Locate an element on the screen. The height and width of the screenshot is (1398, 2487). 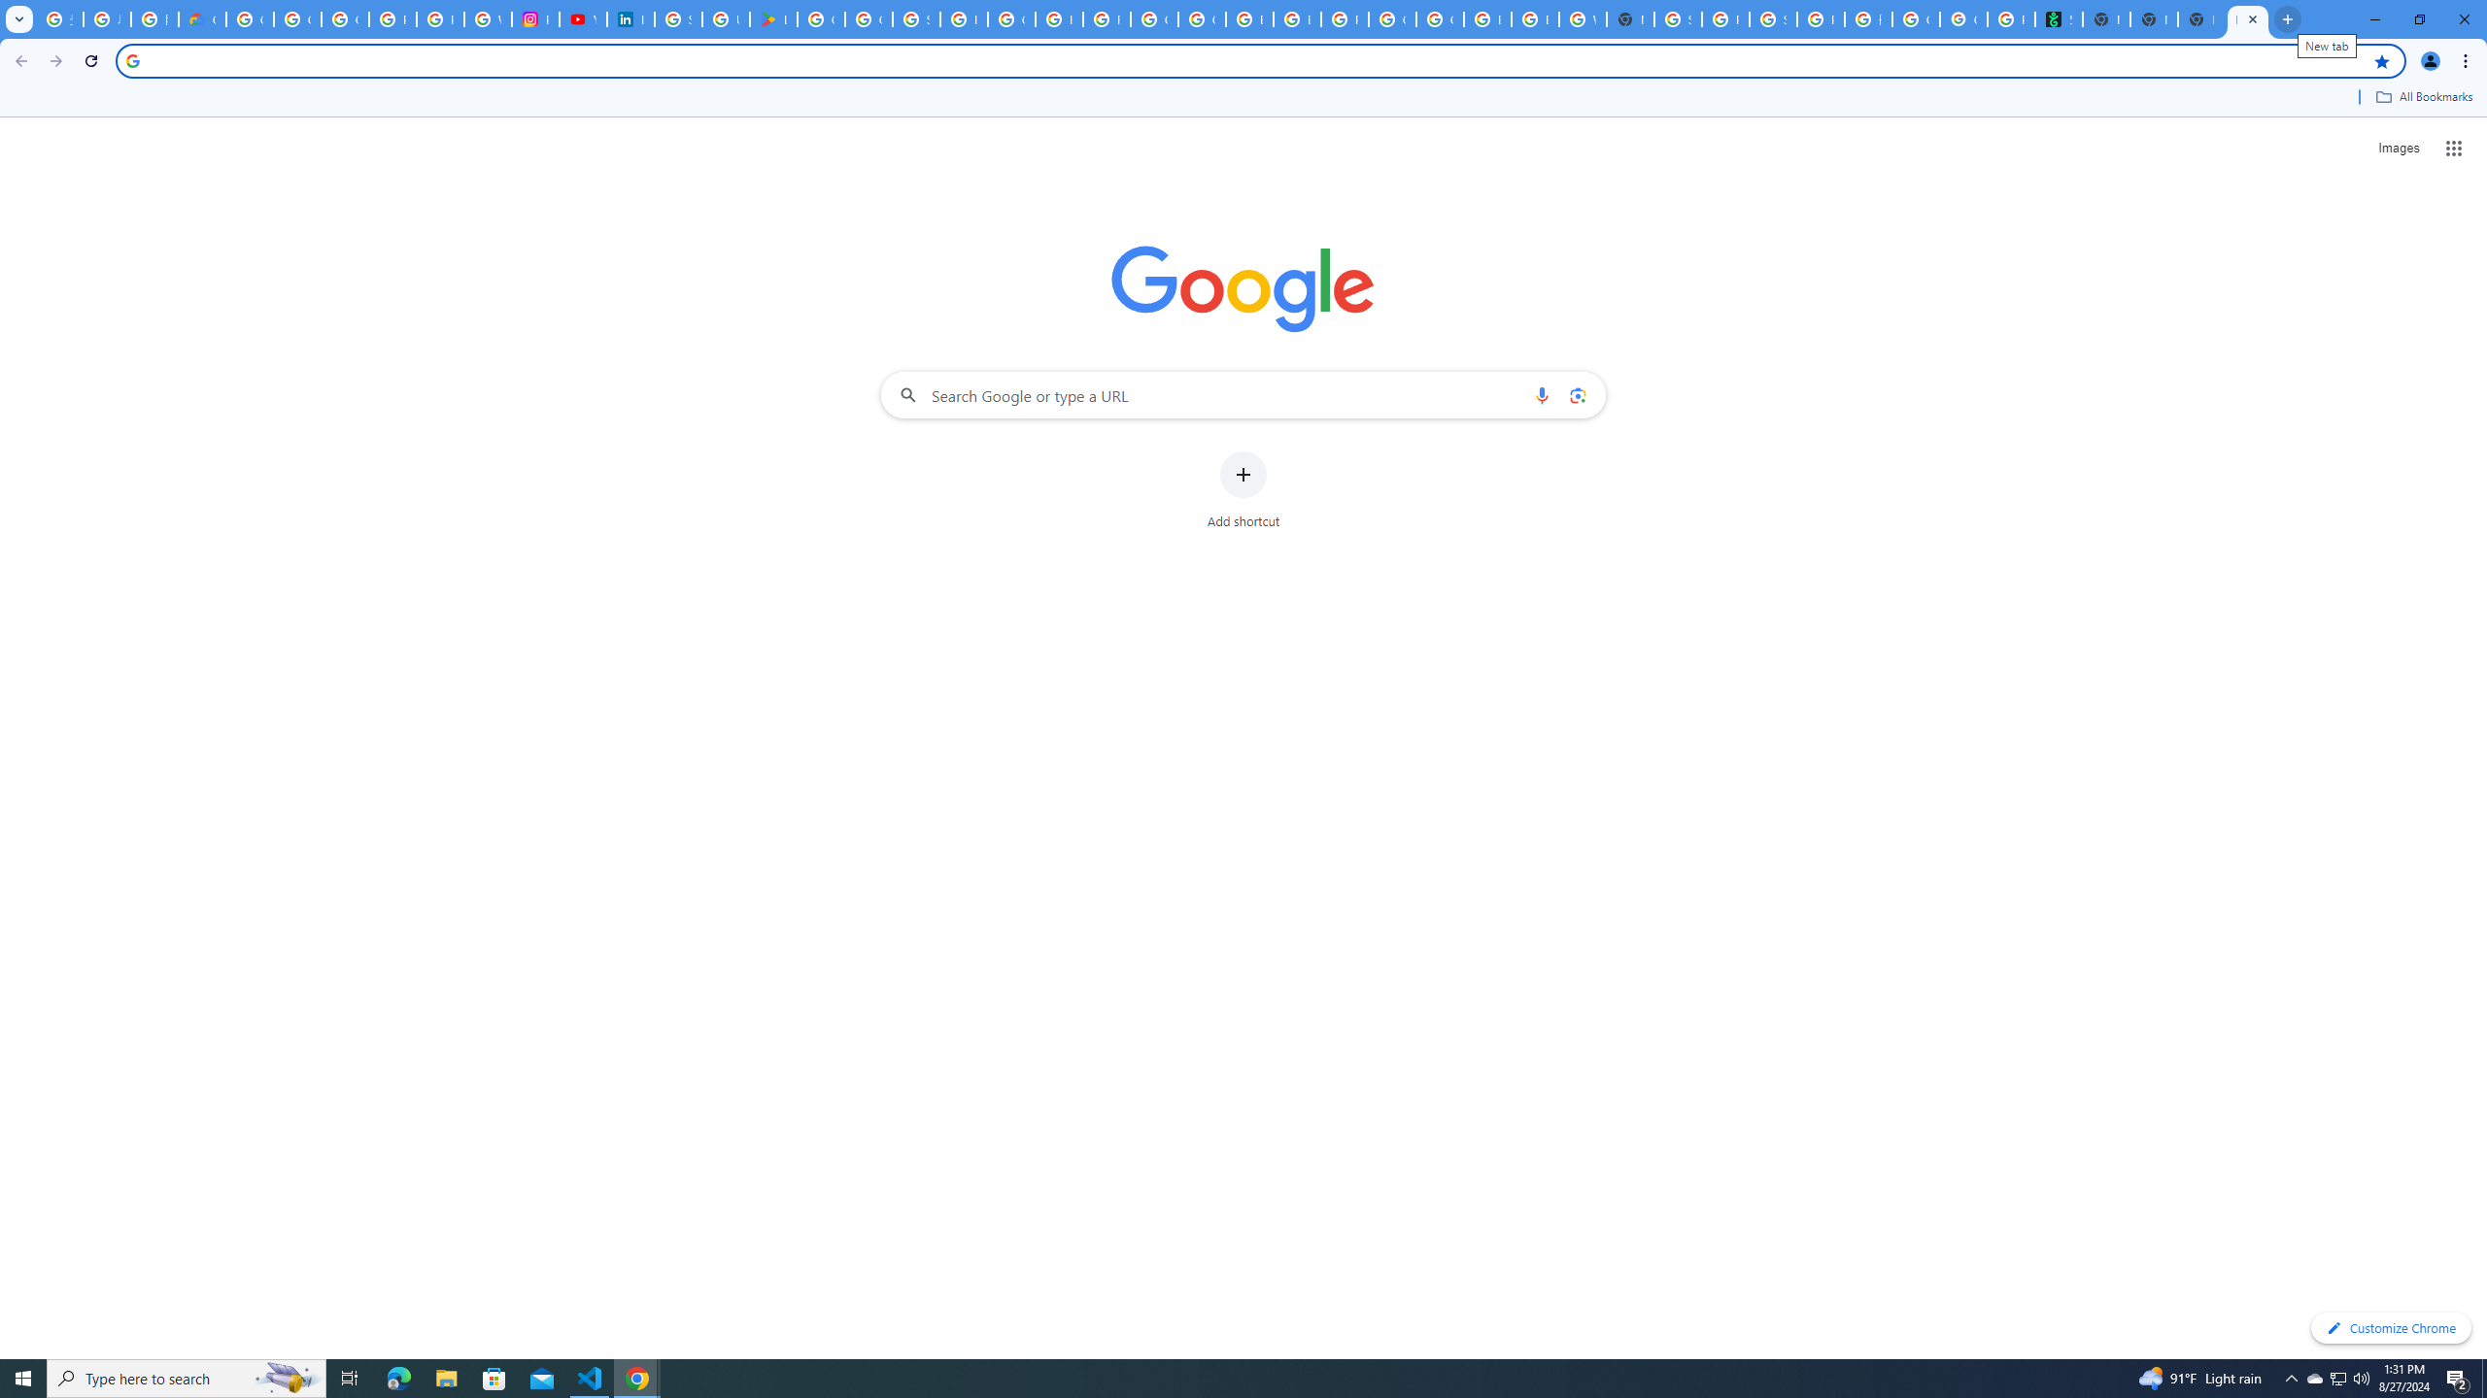
'Google Cloud Platform' is located at coordinates (1391, 18).